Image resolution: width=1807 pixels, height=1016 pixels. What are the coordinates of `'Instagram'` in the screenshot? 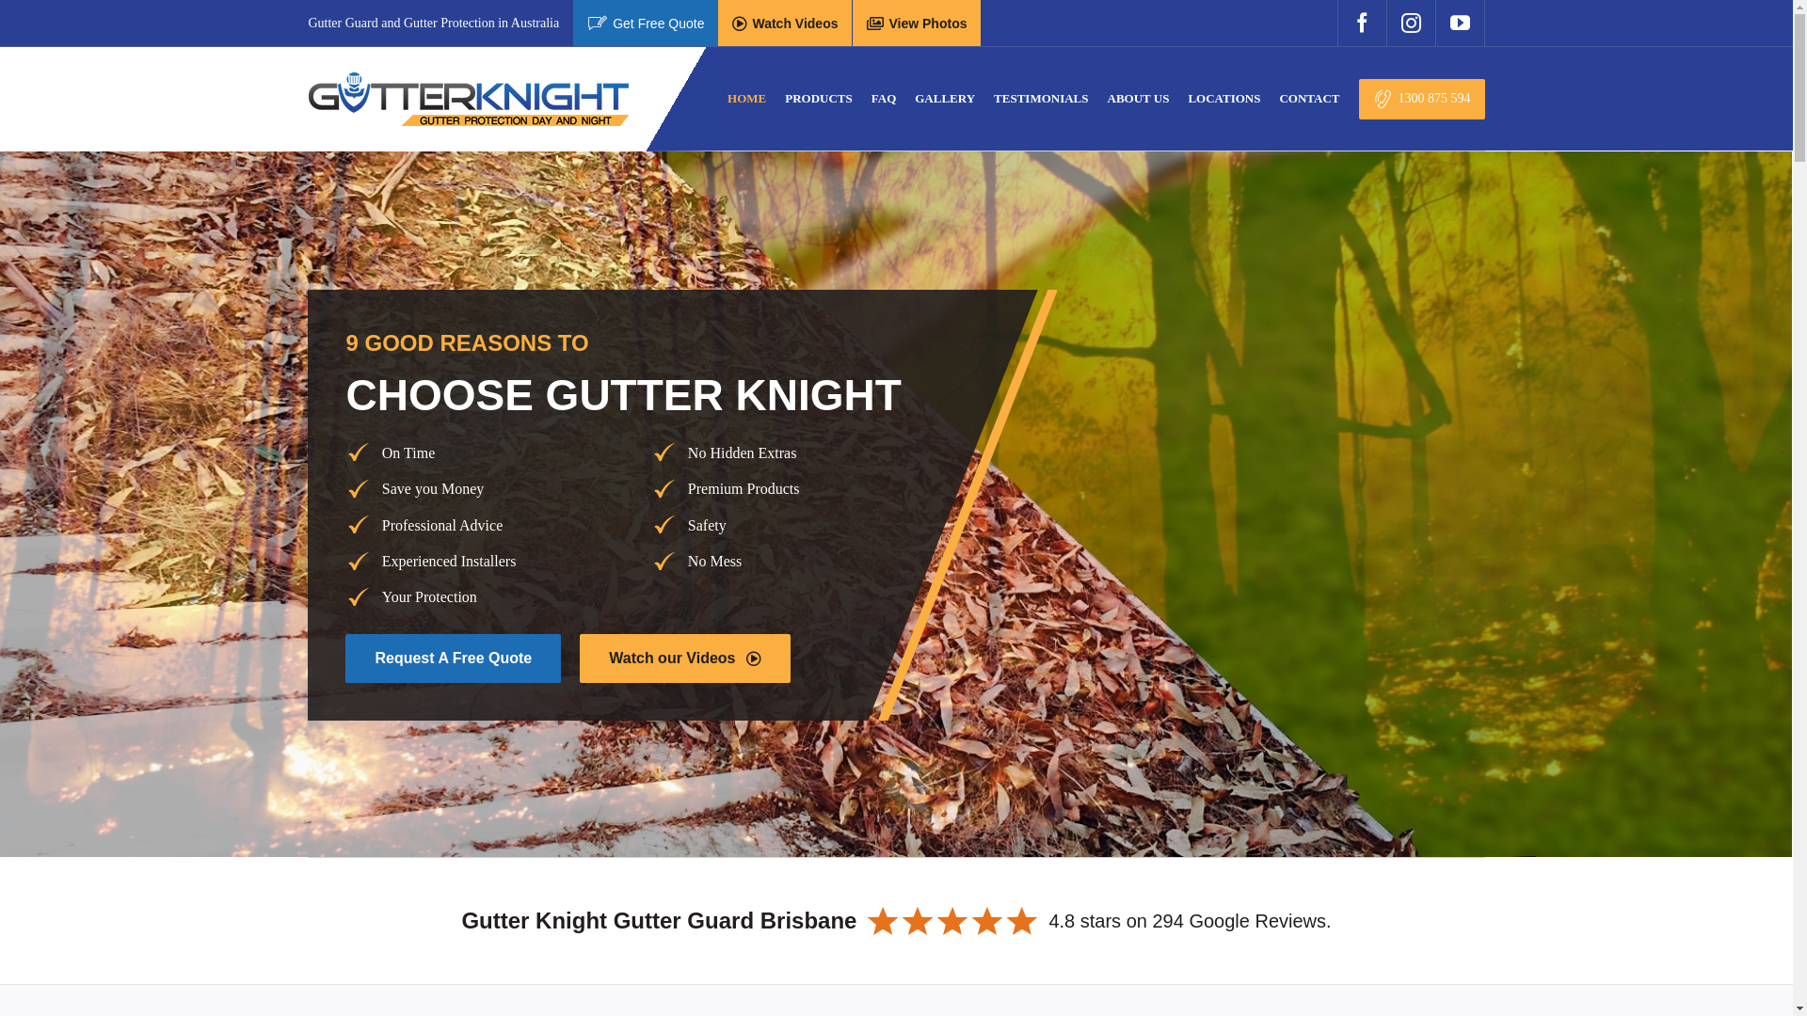 It's located at (1410, 23).